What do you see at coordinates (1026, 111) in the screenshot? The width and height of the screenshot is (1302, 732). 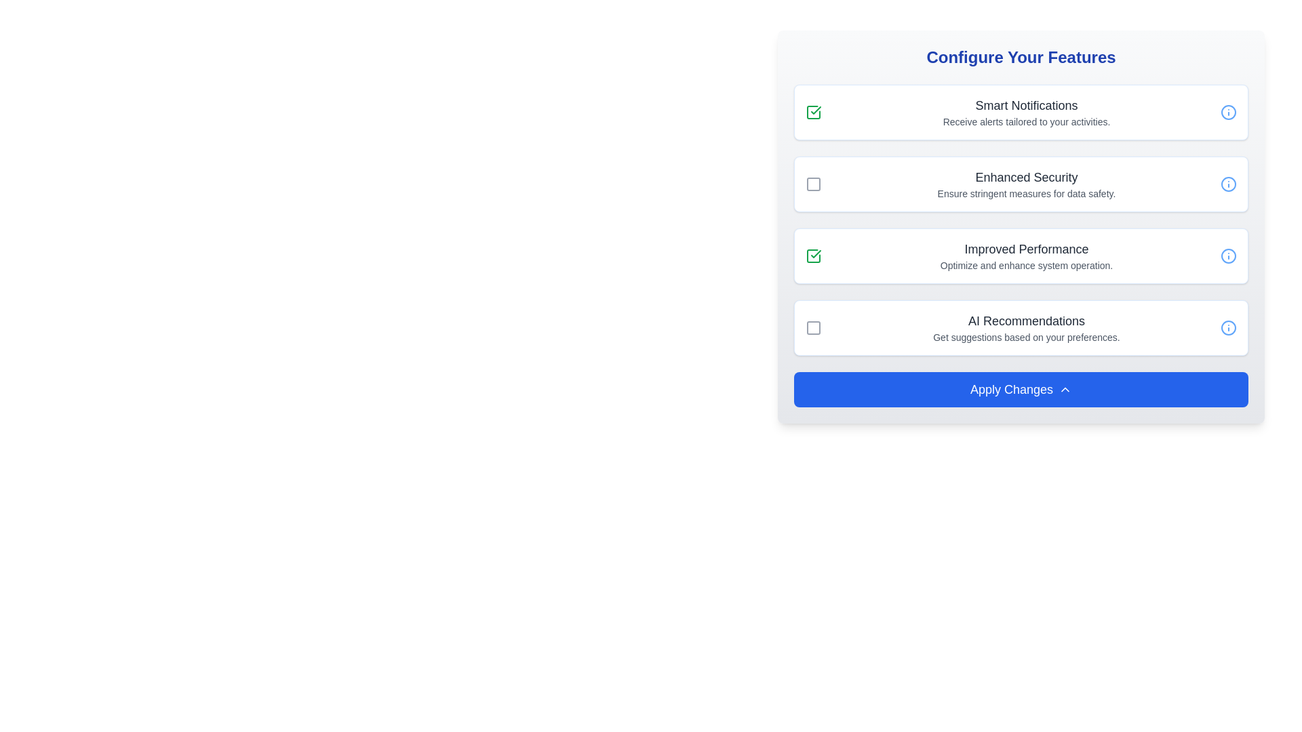 I see `the Text Block that describes the 'Smart Notifications' feature, located in the first feature box above 'Enhanced Security' and below the header 'Configure Your Features'` at bounding box center [1026, 111].